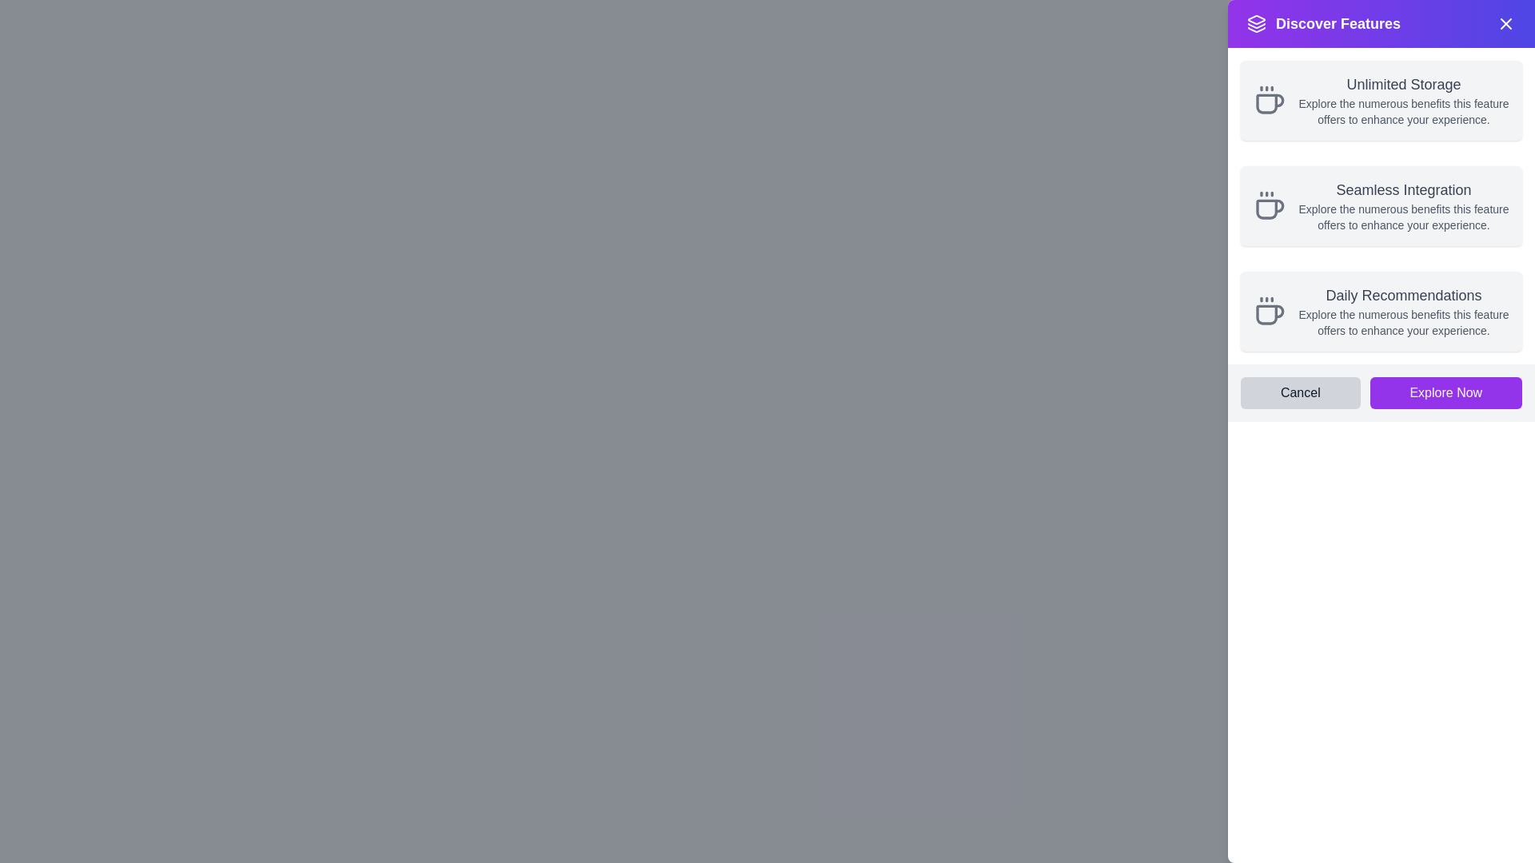 Image resolution: width=1535 pixels, height=863 pixels. I want to click on the static text label that serves as a title for the feature 'Unlimited Storage', located below the heading 'Discover Features', so click(1403, 84).